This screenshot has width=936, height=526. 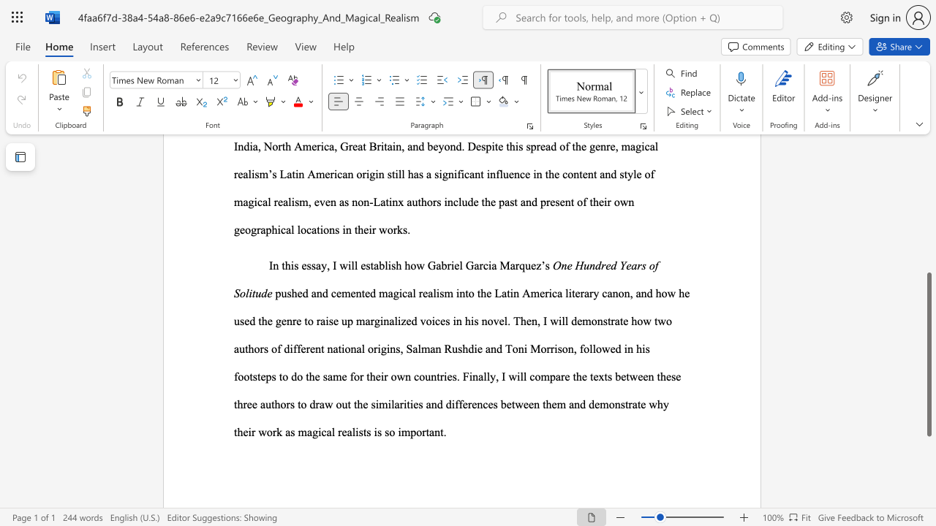 What do you see at coordinates (622, 320) in the screenshot?
I see `the 2th character "t" in the text` at bounding box center [622, 320].